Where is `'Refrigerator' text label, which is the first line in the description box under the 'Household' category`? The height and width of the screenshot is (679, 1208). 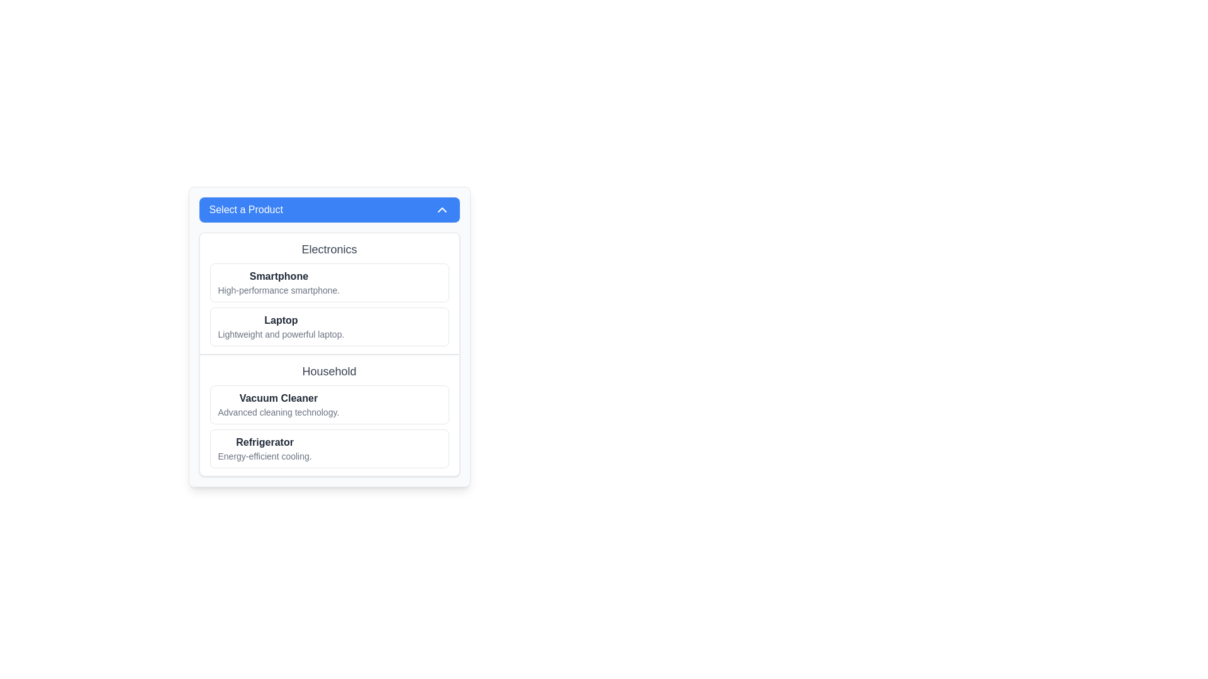
'Refrigerator' text label, which is the first line in the description box under the 'Household' category is located at coordinates (264, 442).